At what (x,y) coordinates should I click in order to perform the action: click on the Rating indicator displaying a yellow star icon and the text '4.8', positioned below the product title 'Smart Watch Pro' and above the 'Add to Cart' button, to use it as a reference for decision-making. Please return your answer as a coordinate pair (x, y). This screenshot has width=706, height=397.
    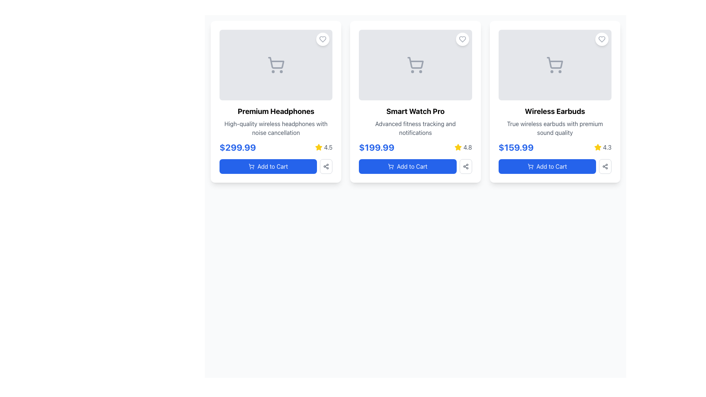
    Looking at the image, I should click on (463, 147).